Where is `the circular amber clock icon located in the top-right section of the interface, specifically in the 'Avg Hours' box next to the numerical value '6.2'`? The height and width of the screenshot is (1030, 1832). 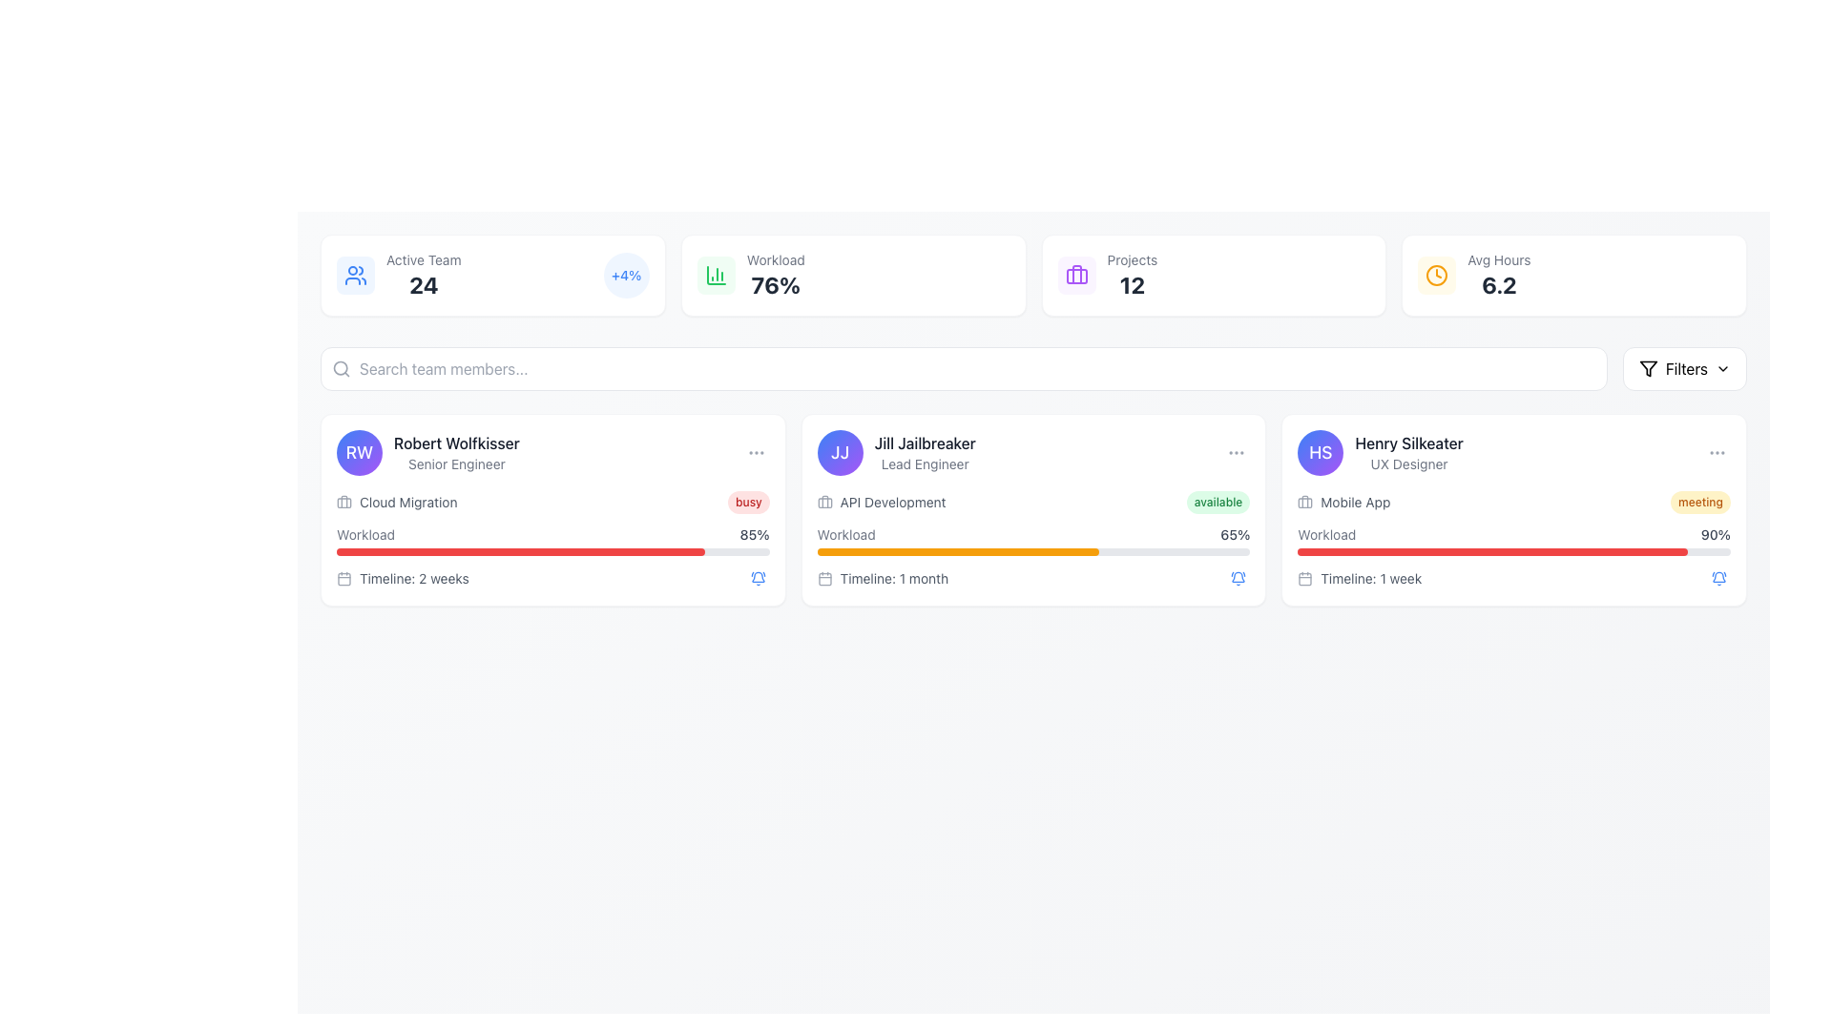
the circular amber clock icon located in the top-right section of the interface, specifically in the 'Avg Hours' box next to the numerical value '6.2' is located at coordinates (1437, 276).